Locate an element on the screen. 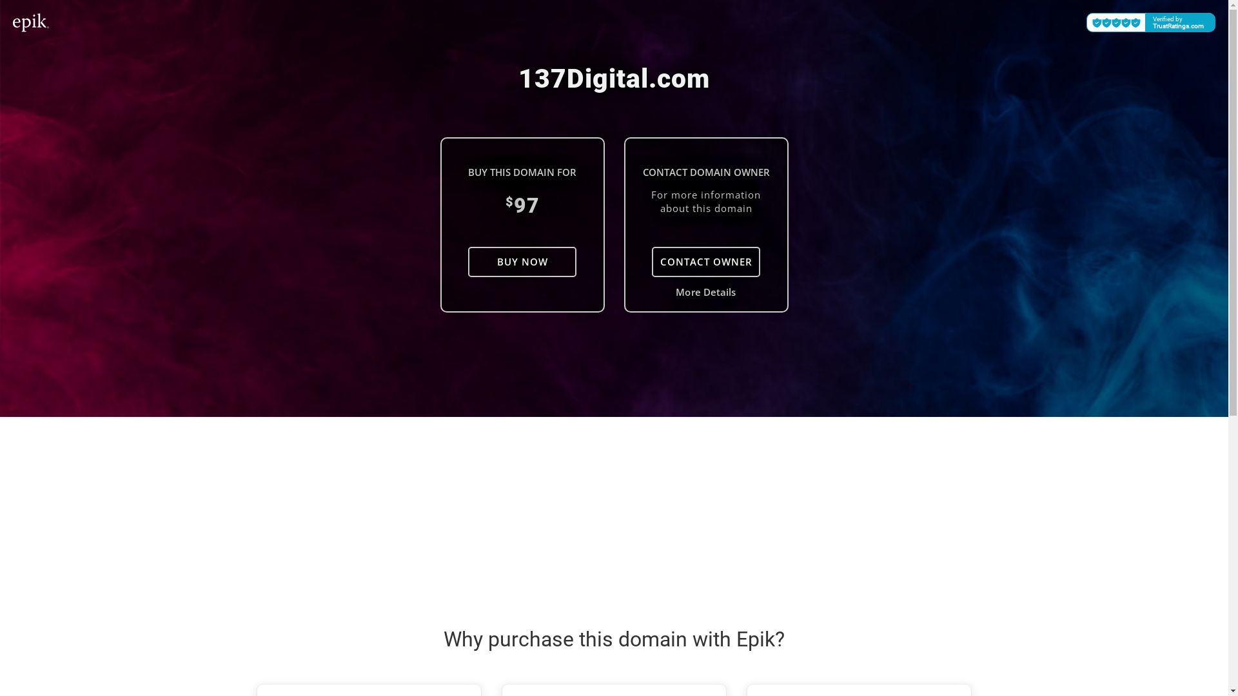  'CONTACT OWNER' is located at coordinates (705, 261).